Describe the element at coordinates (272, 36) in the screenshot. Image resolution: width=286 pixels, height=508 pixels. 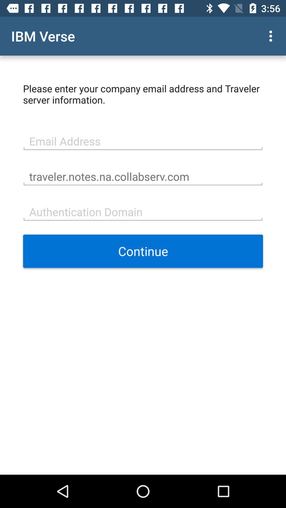
I see `icon at the top right corner` at that location.